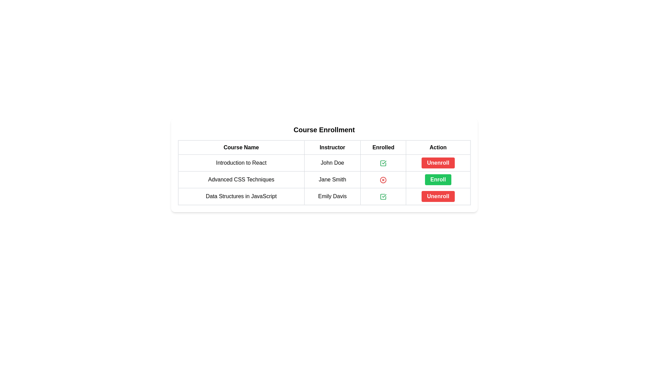 Image resolution: width=657 pixels, height=369 pixels. I want to click on the 'Course Enrollment' header to sort the column below that contains the names of the courses, so click(241, 147).